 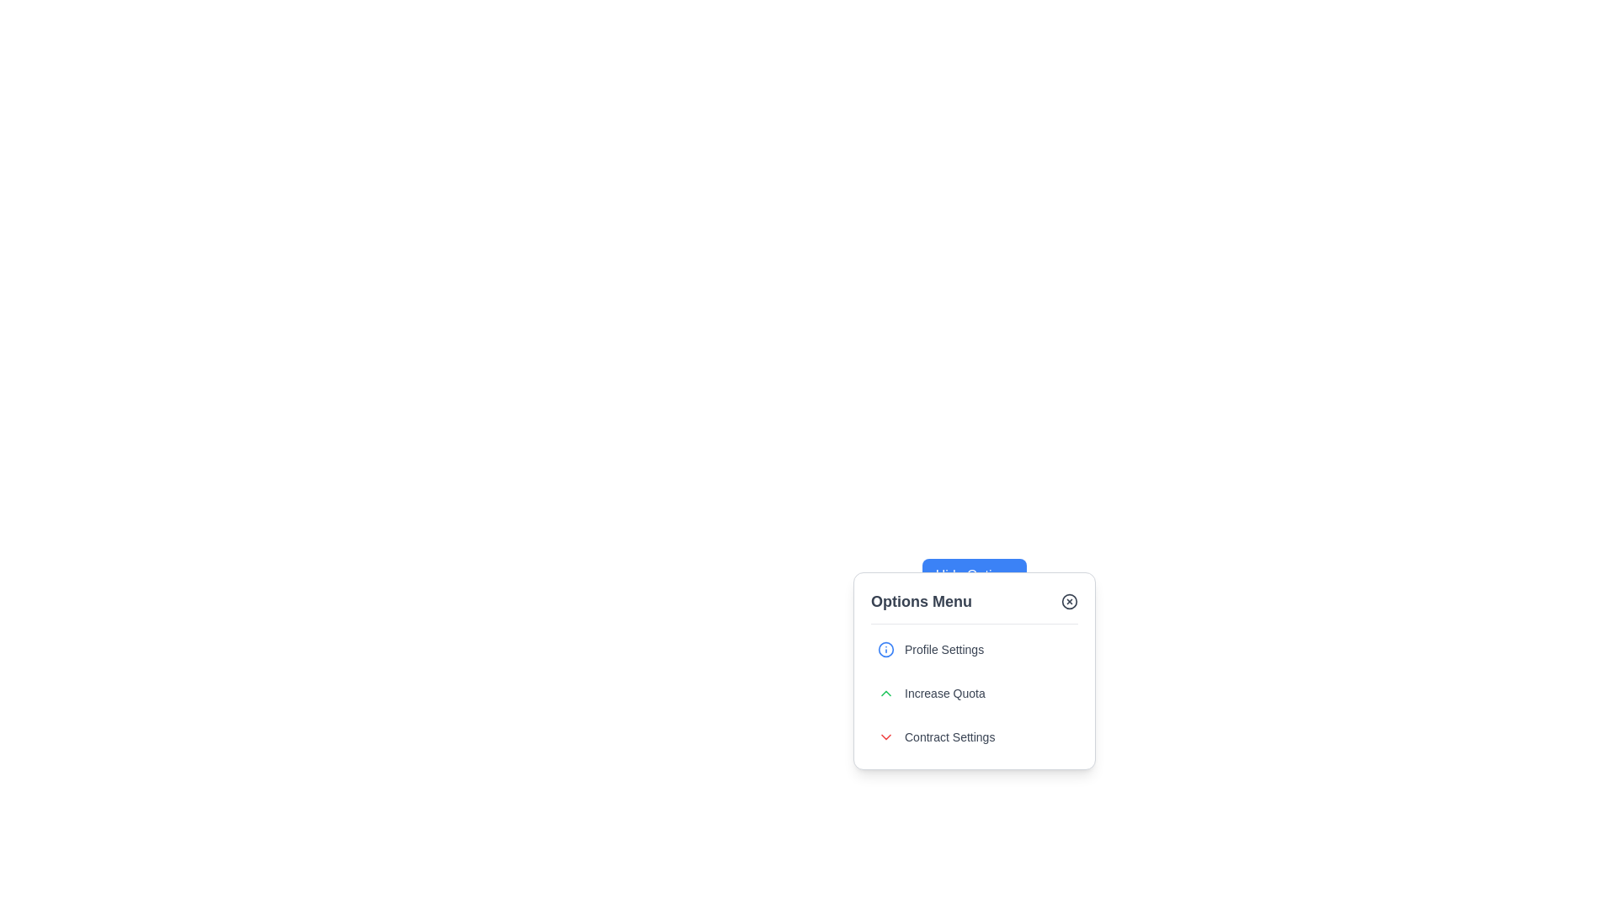 What do you see at coordinates (949, 736) in the screenshot?
I see `the 'Contract Settings' text label within the dropdown menu` at bounding box center [949, 736].